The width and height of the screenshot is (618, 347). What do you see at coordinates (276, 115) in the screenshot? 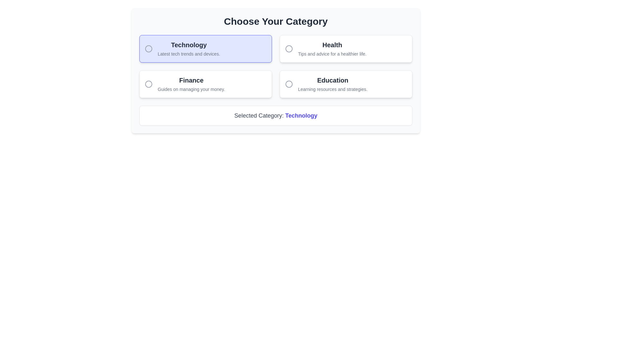
I see `the text label displaying 'Selected Category: Technology', which features the word 'Technology' in bold indigo, located underneath the category selection area` at bounding box center [276, 115].